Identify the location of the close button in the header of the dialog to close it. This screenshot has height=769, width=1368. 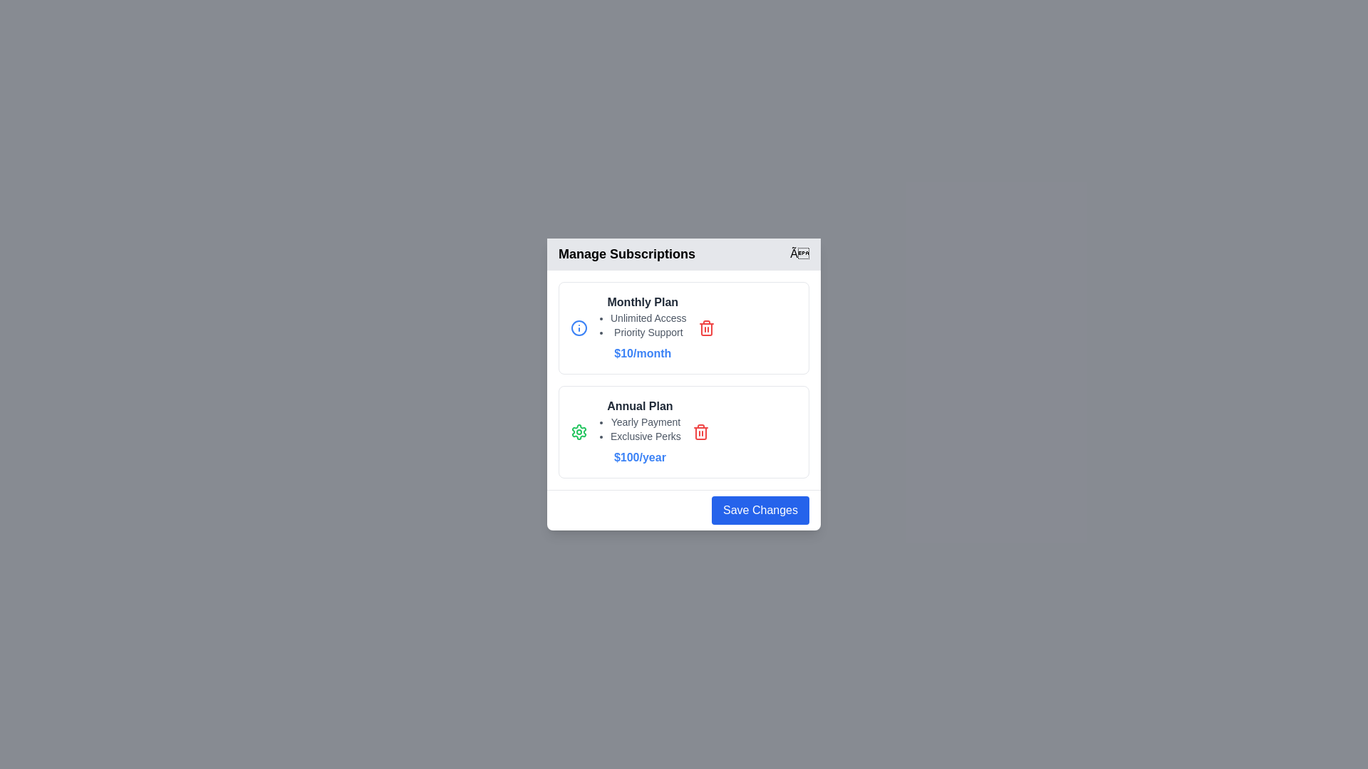
(799, 253).